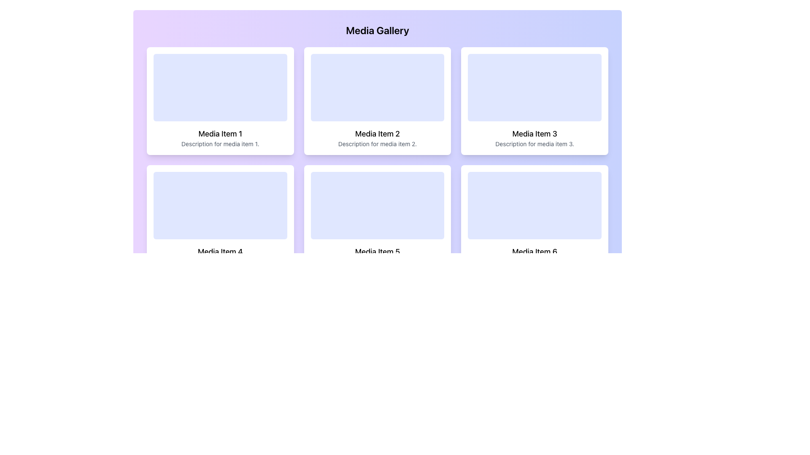 This screenshot has width=810, height=455. I want to click on text header displaying 'Media Gallery' which is a bold and large font positioned centrally at the top of the purple gradient background area, so click(377, 30).